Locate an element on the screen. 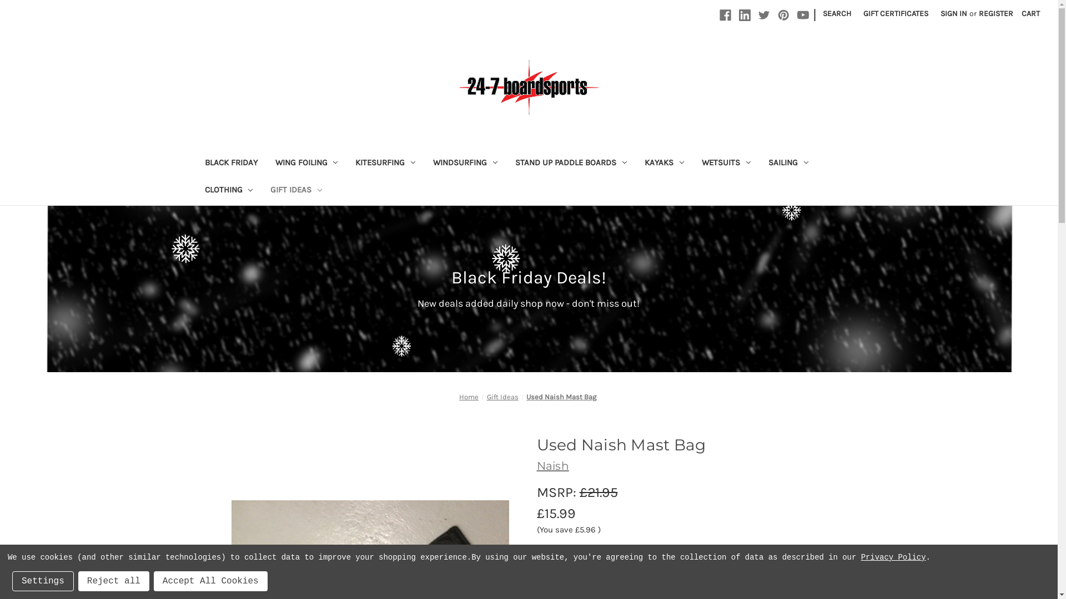  'Privacy Policy' is located at coordinates (893, 557).